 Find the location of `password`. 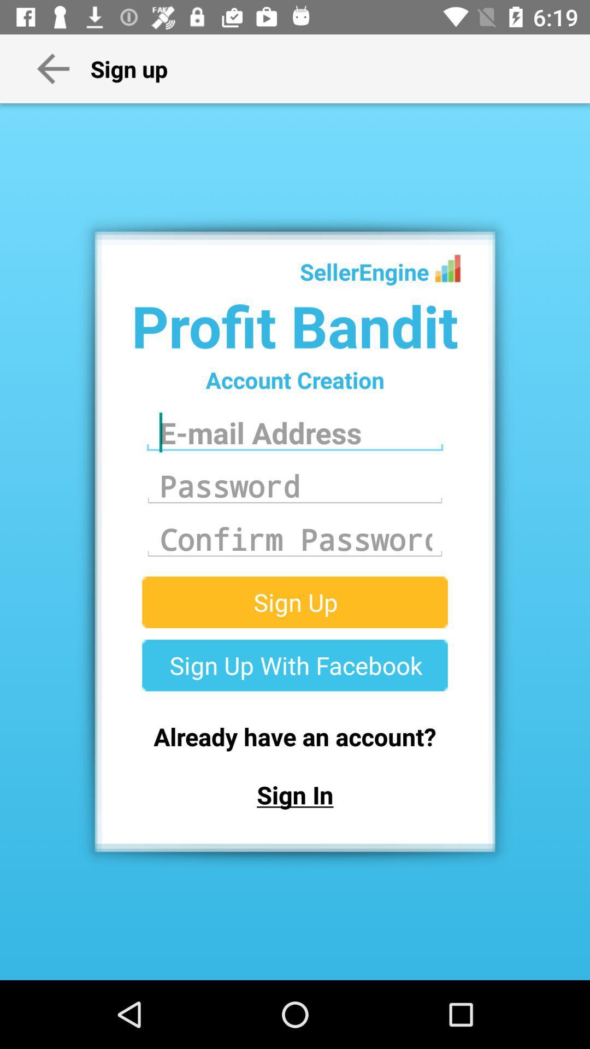

password is located at coordinates (295, 485).